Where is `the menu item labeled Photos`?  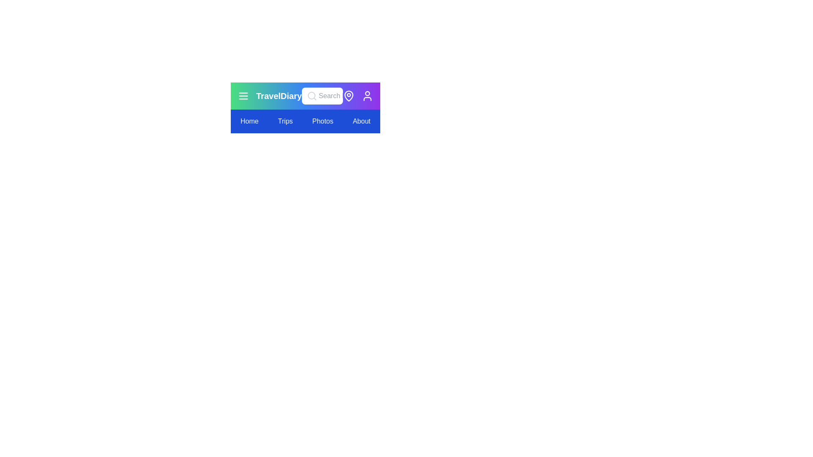 the menu item labeled Photos is located at coordinates (322, 121).